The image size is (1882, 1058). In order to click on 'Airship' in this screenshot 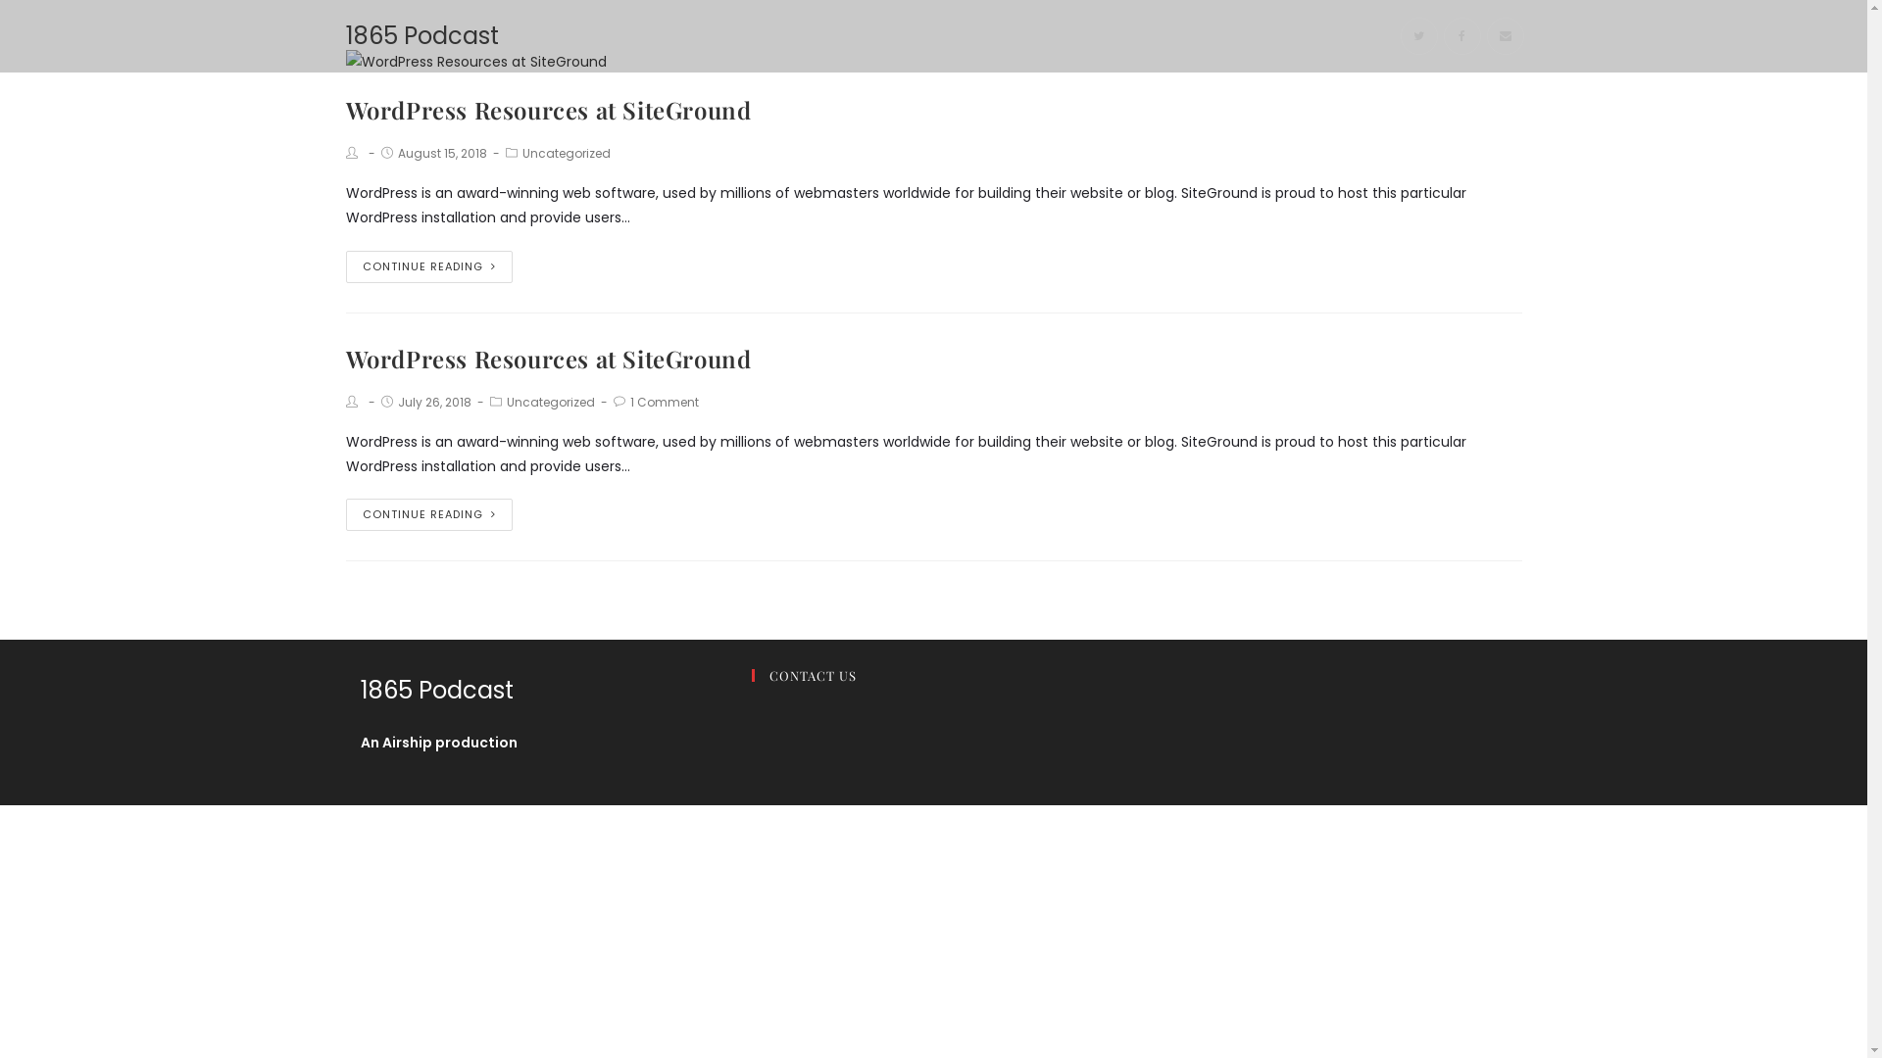, I will do `click(406, 743)`.